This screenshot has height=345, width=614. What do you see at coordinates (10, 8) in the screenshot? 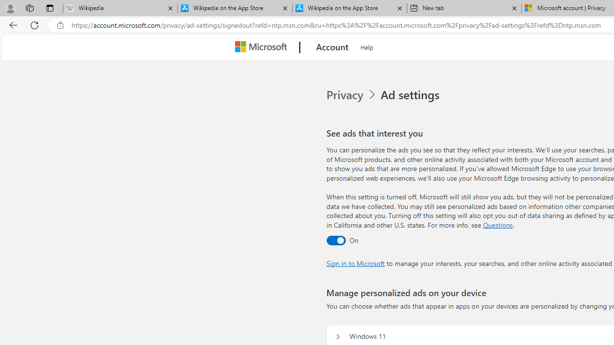
I see `'Personal Profile'` at bounding box center [10, 8].